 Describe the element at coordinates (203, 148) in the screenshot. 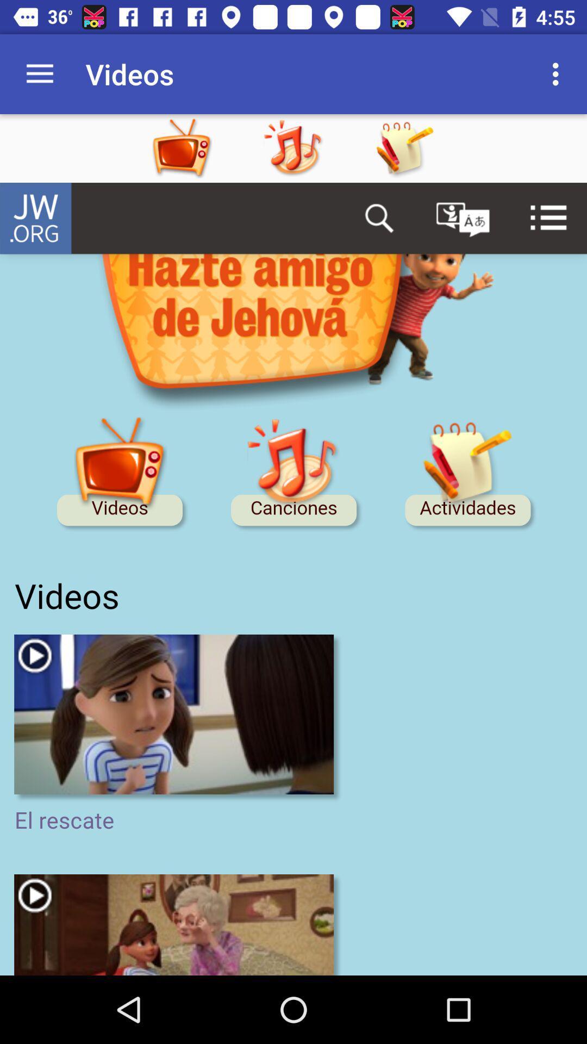

I see `videos` at that location.